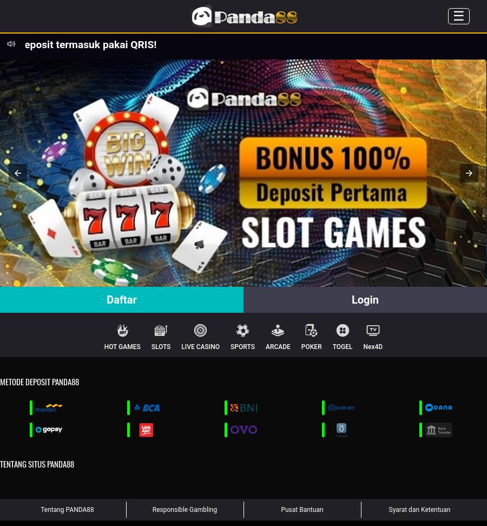  I want to click on 'Responsible Gambling', so click(185, 509).